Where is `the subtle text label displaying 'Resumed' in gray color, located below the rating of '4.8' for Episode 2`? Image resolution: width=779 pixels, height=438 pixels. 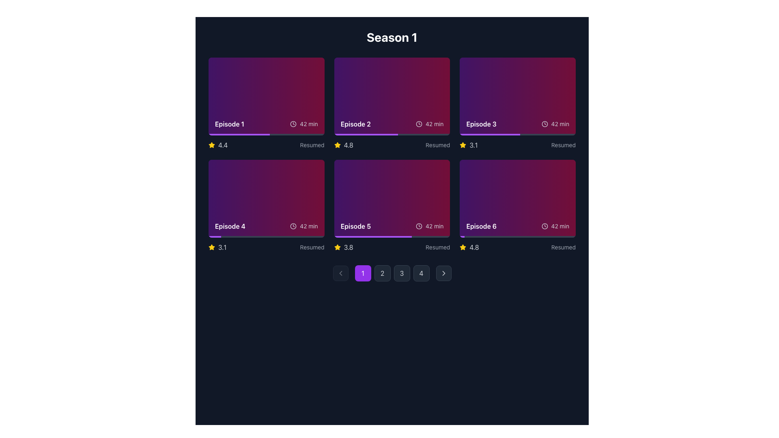
the subtle text label displaying 'Resumed' in gray color, located below the rating of '4.8' for Episode 2 is located at coordinates (437, 145).